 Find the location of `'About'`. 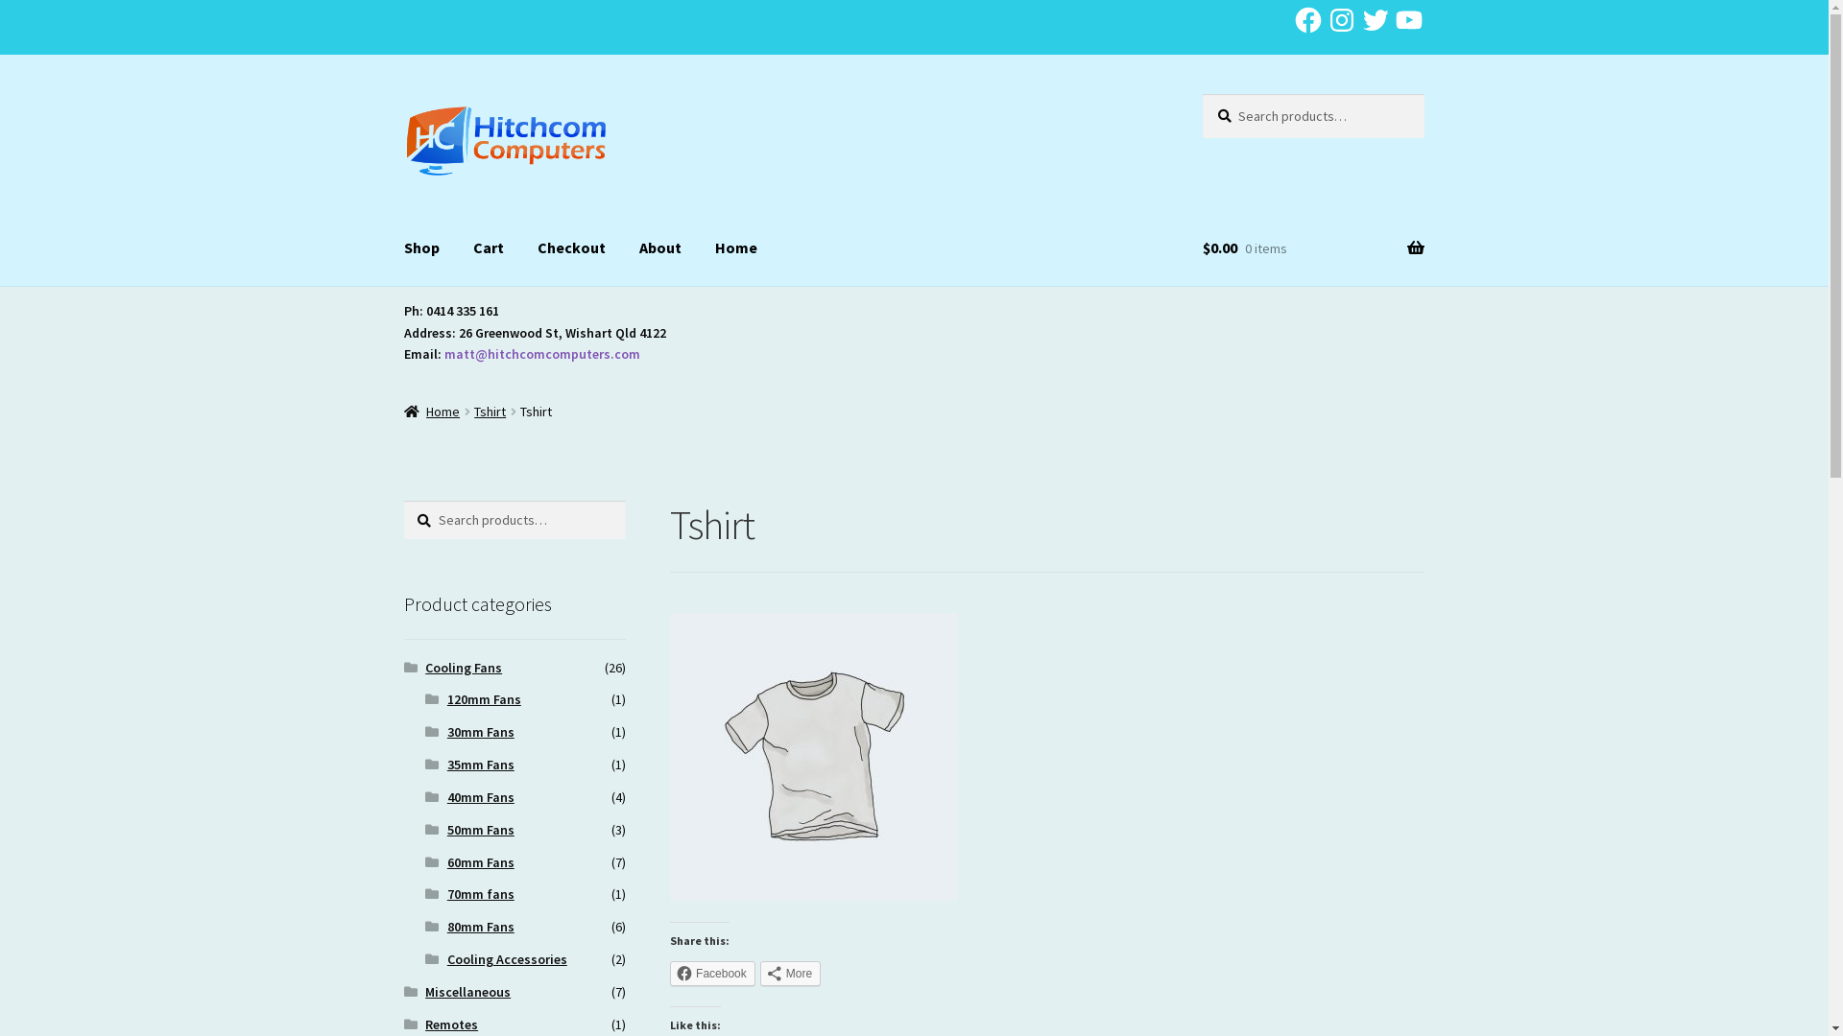

'About' is located at coordinates (659, 247).